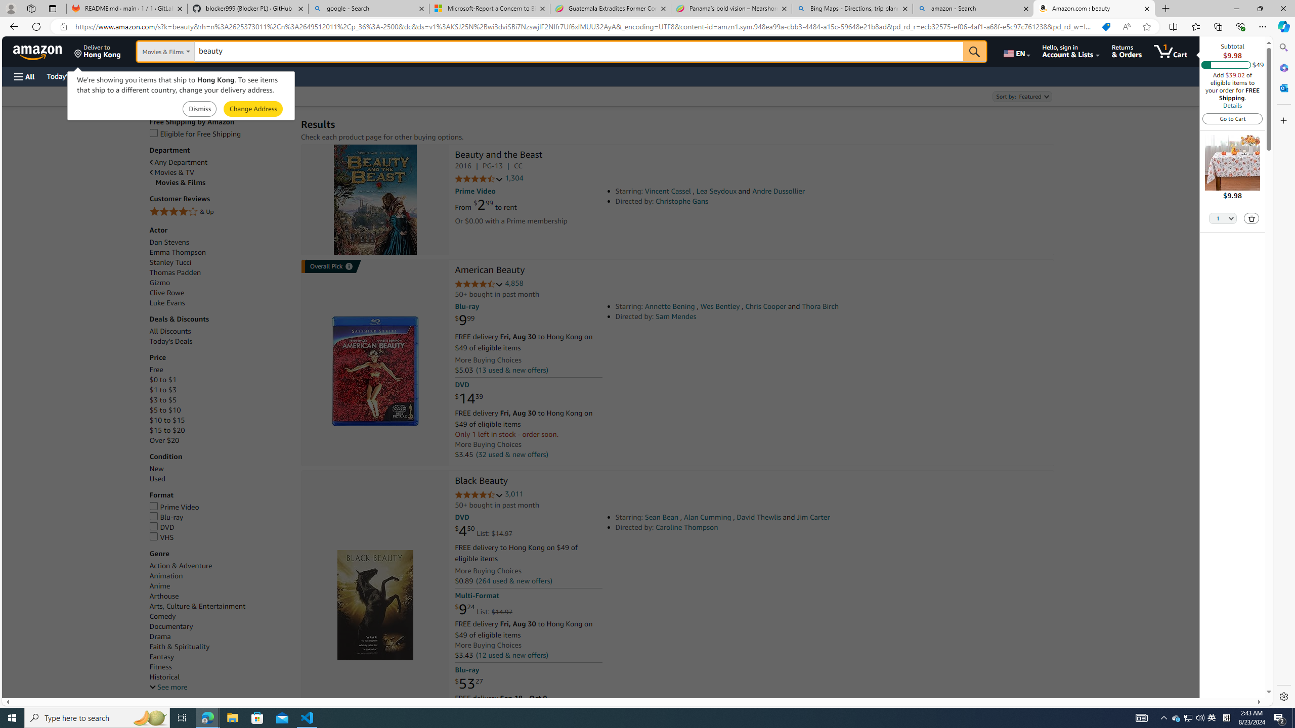 The image size is (1295, 728). Describe the element at coordinates (1126, 51) in the screenshot. I see `'Returns & Orders'` at that location.